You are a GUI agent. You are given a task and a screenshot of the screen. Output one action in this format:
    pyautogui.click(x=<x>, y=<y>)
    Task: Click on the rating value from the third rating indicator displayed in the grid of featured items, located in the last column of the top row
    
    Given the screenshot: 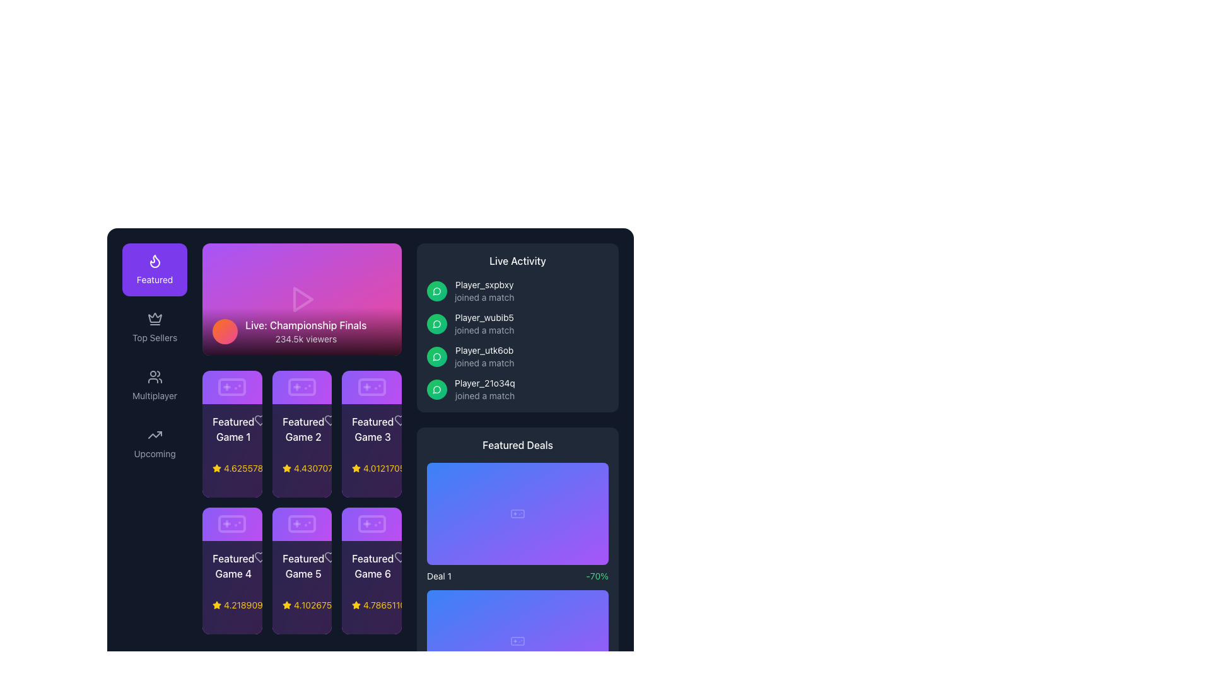 What is the action you would take?
    pyautogui.click(x=397, y=468)
    